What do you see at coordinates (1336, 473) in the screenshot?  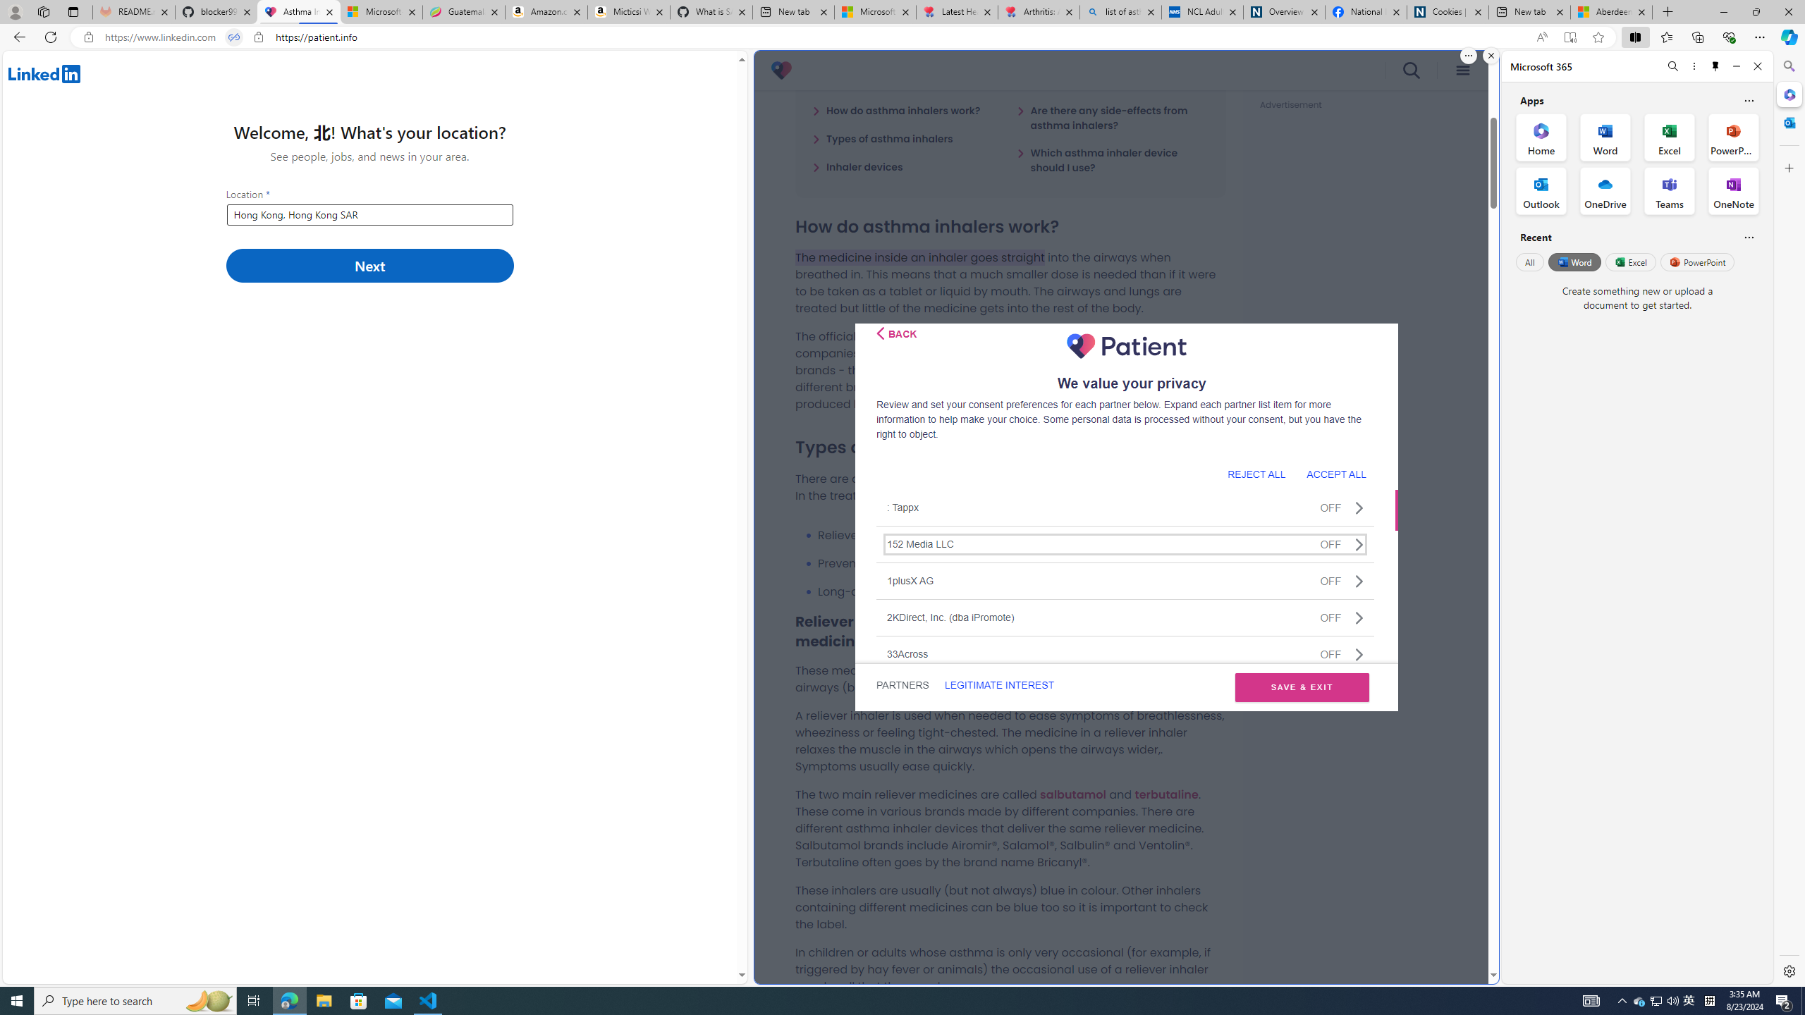 I see `'ACCEPT ALL'` at bounding box center [1336, 473].